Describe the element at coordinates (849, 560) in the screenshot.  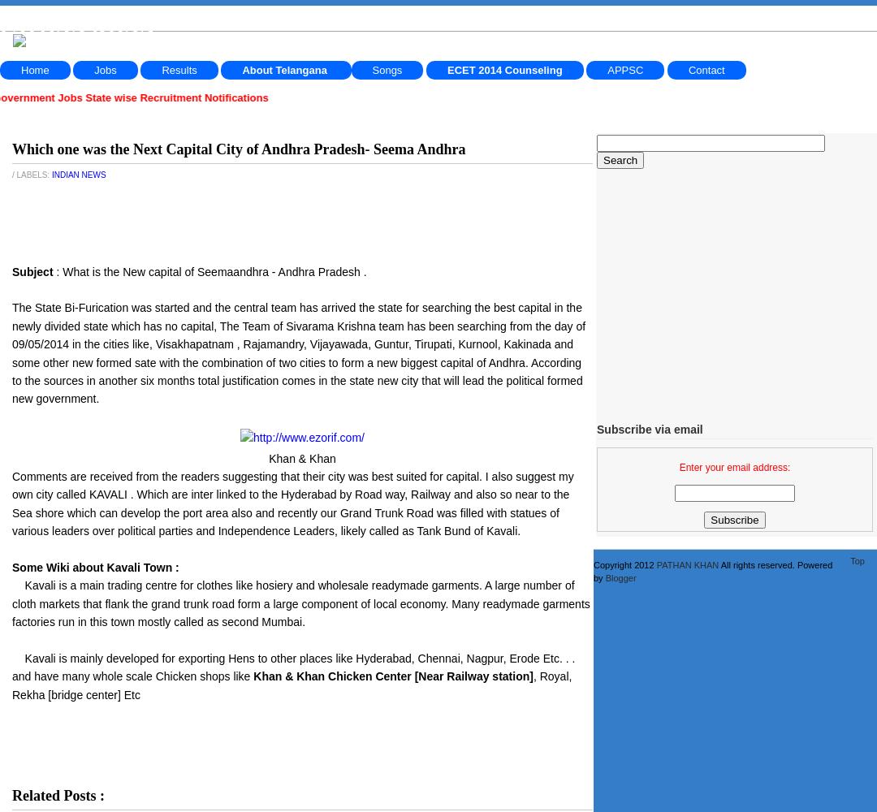
I see `'Top'` at that location.